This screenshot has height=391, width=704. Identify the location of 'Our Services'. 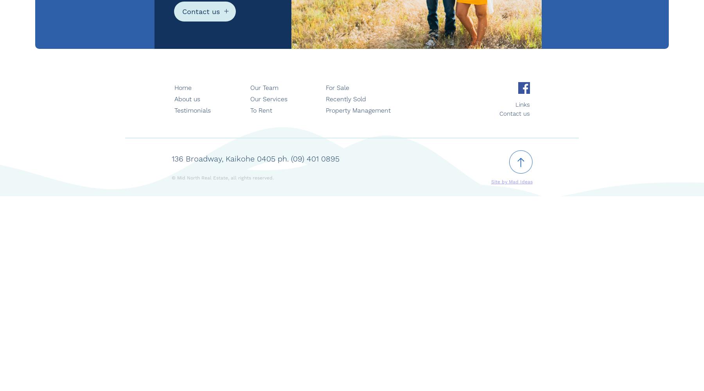
(268, 99).